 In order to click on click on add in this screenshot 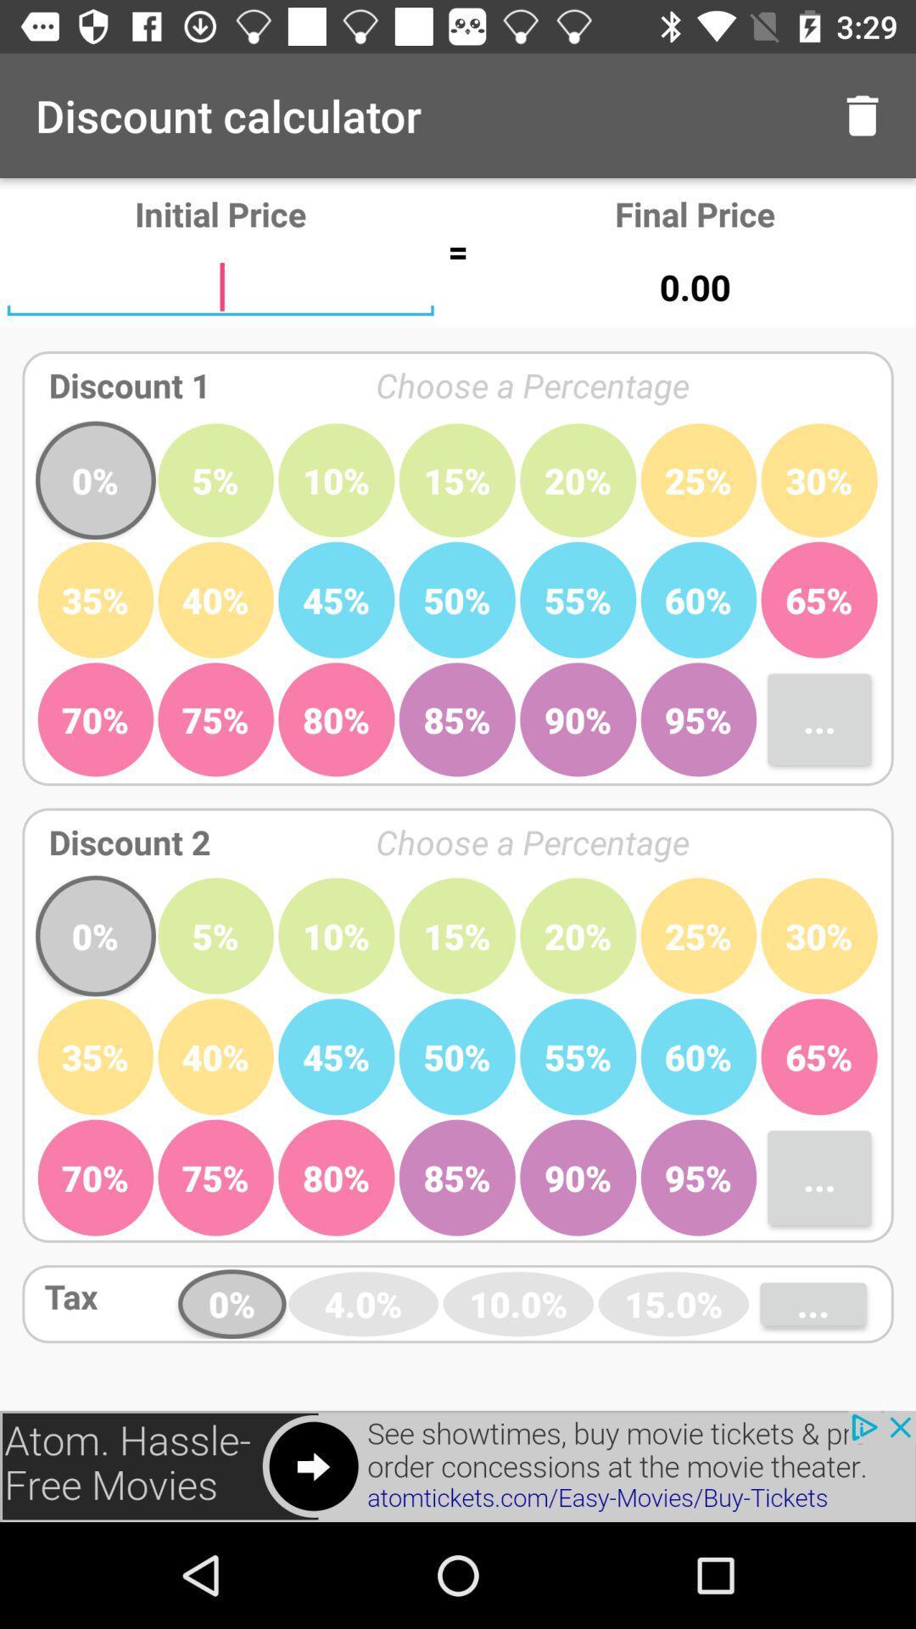, I will do `click(458, 1465)`.